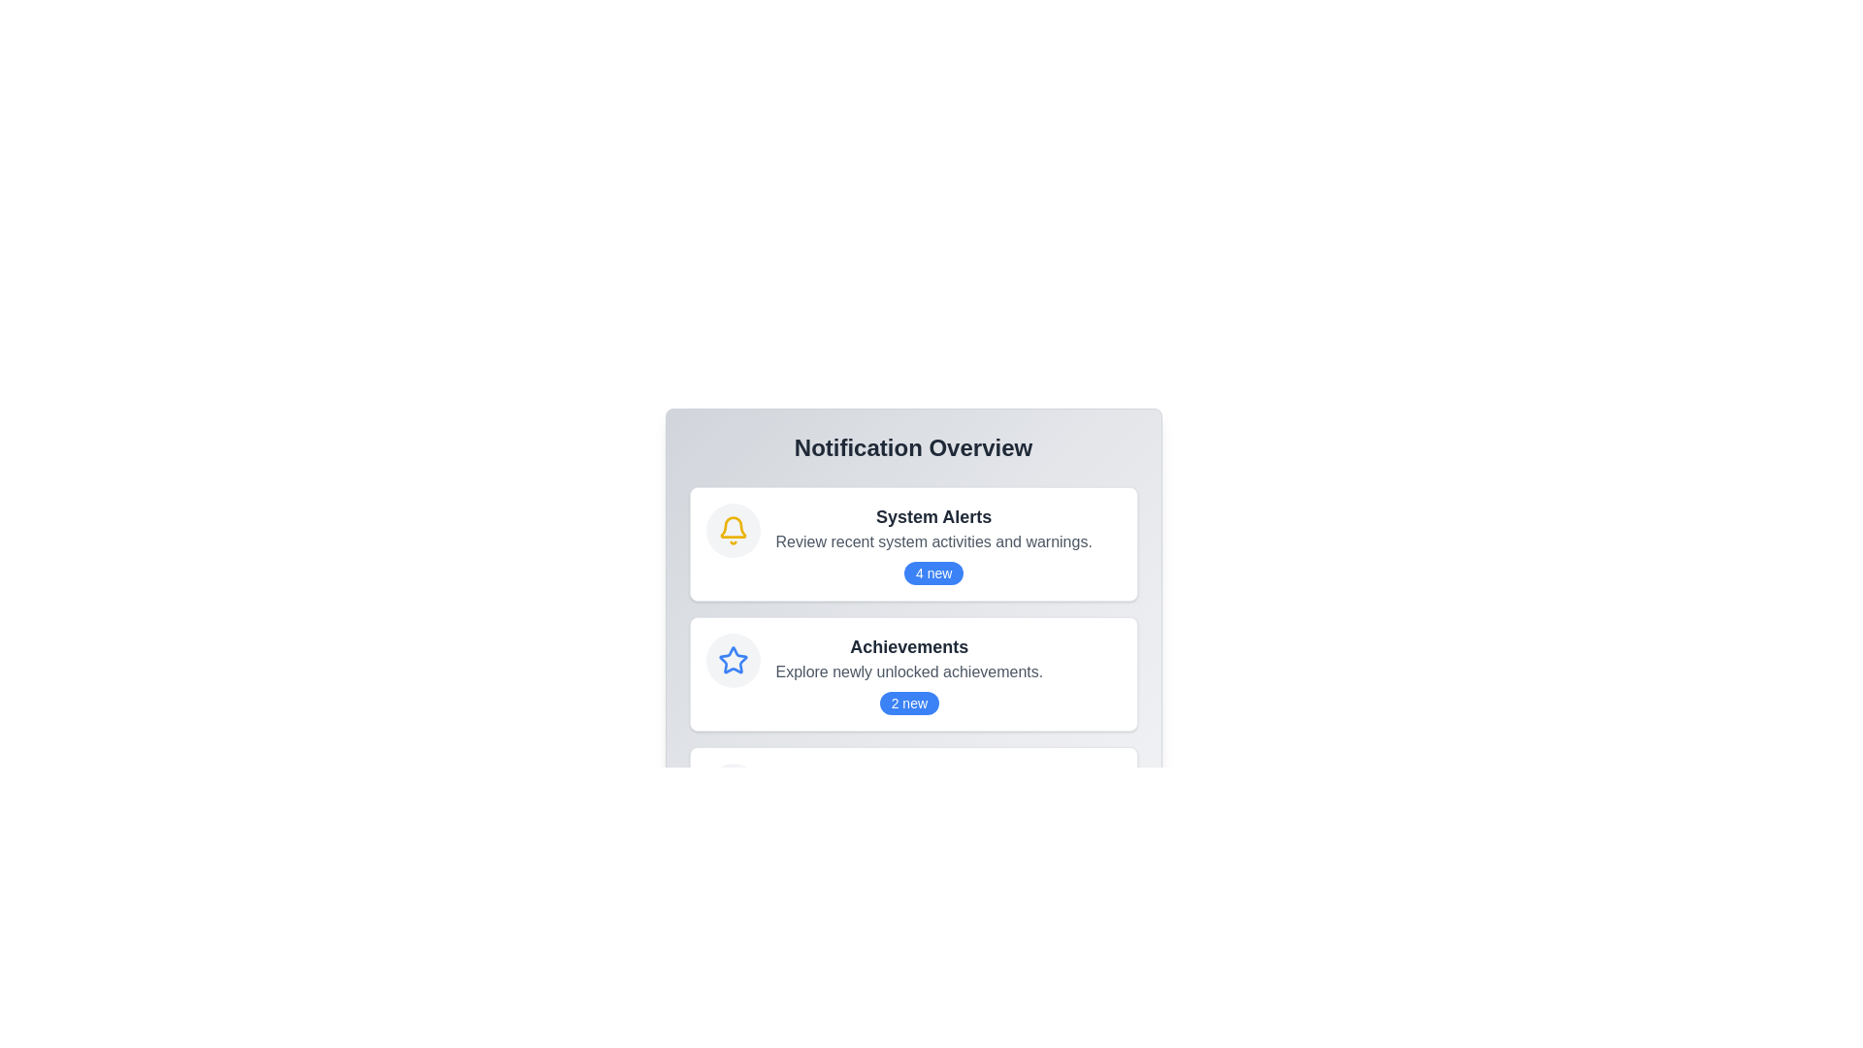 This screenshot has width=1863, height=1048. I want to click on the pill-shaped badge with a blue background and white text that reads '4 new', located below the 'Review recent system activities and warnings.' in the 'System Alerts' section, so click(933, 572).